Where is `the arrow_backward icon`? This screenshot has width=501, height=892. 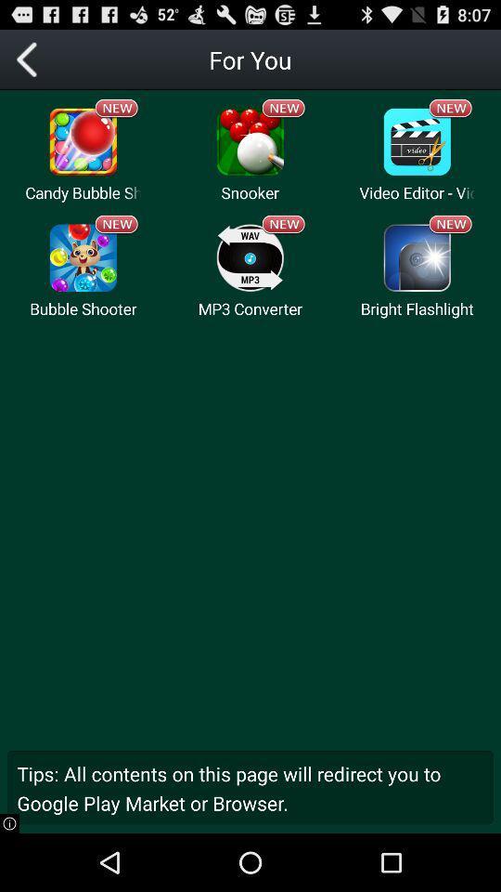 the arrow_backward icon is located at coordinates (29, 63).